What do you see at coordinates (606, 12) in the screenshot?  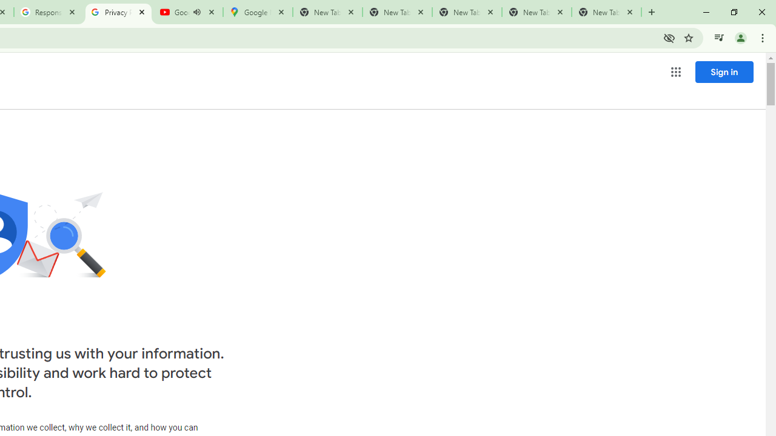 I see `'New Tab'` at bounding box center [606, 12].